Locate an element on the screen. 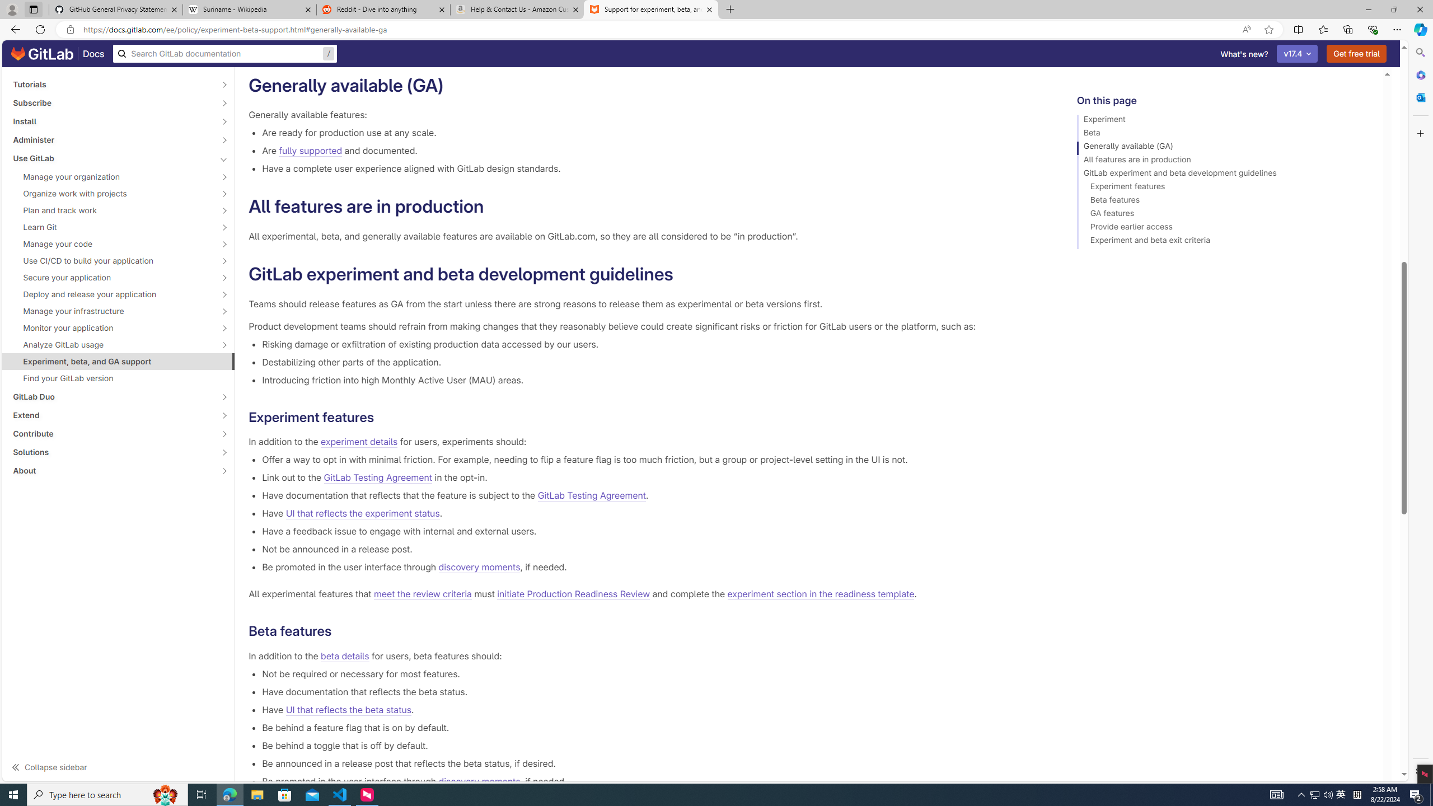 This screenshot has width=1433, height=806. 'meet the review criteria' is located at coordinates (422, 594).